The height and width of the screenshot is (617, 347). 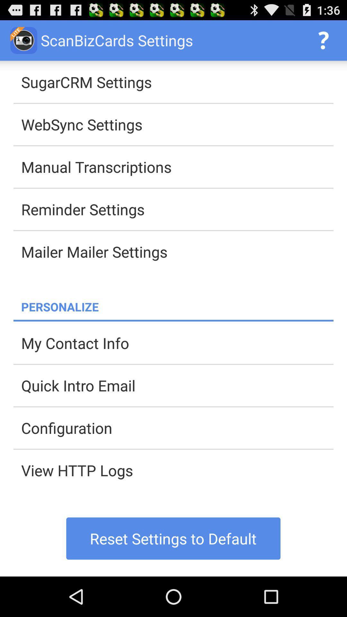 What do you see at coordinates (177, 124) in the screenshot?
I see `websync settings app` at bounding box center [177, 124].